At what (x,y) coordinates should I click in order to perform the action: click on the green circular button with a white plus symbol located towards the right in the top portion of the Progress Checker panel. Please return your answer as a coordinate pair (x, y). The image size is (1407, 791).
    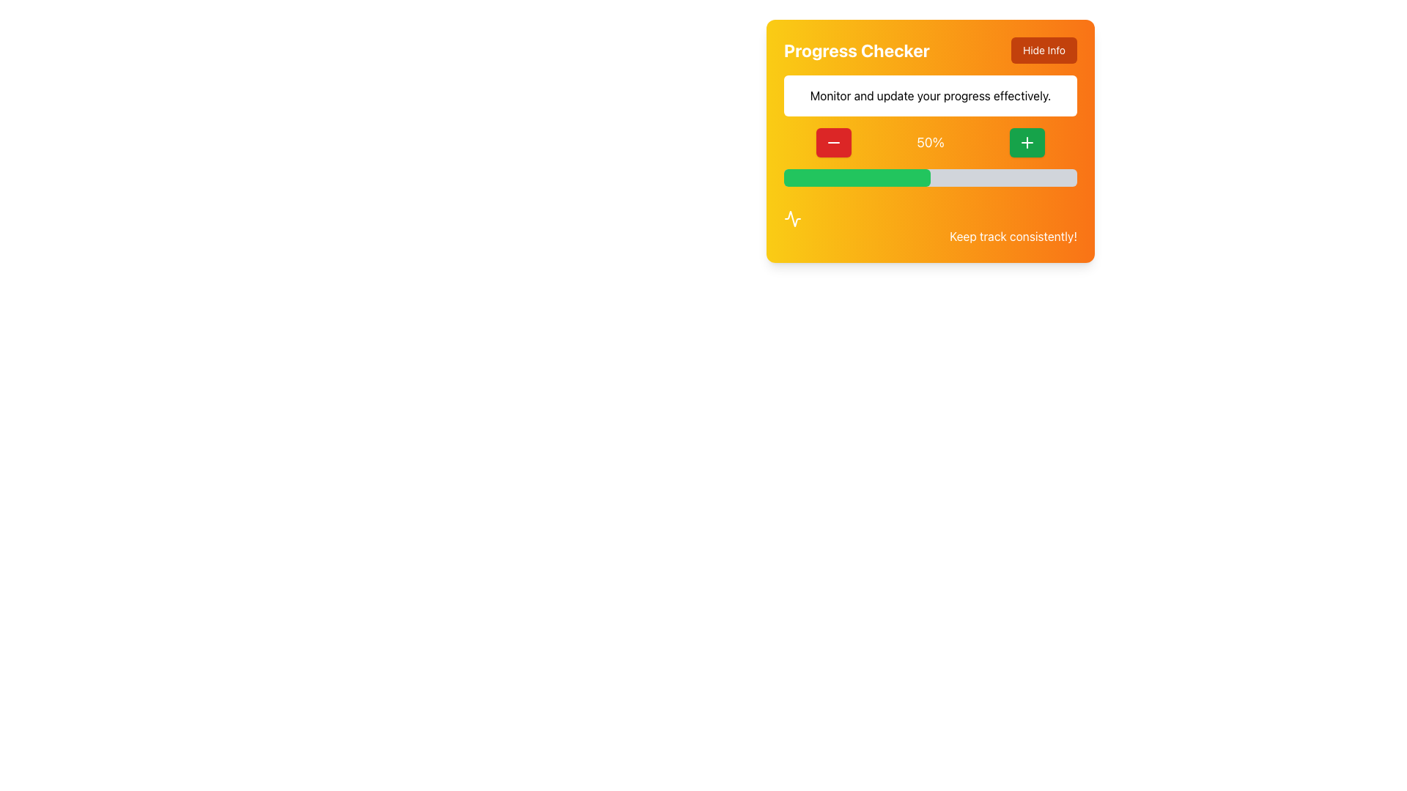
    Looking at the image, I should click on (1026, 143).